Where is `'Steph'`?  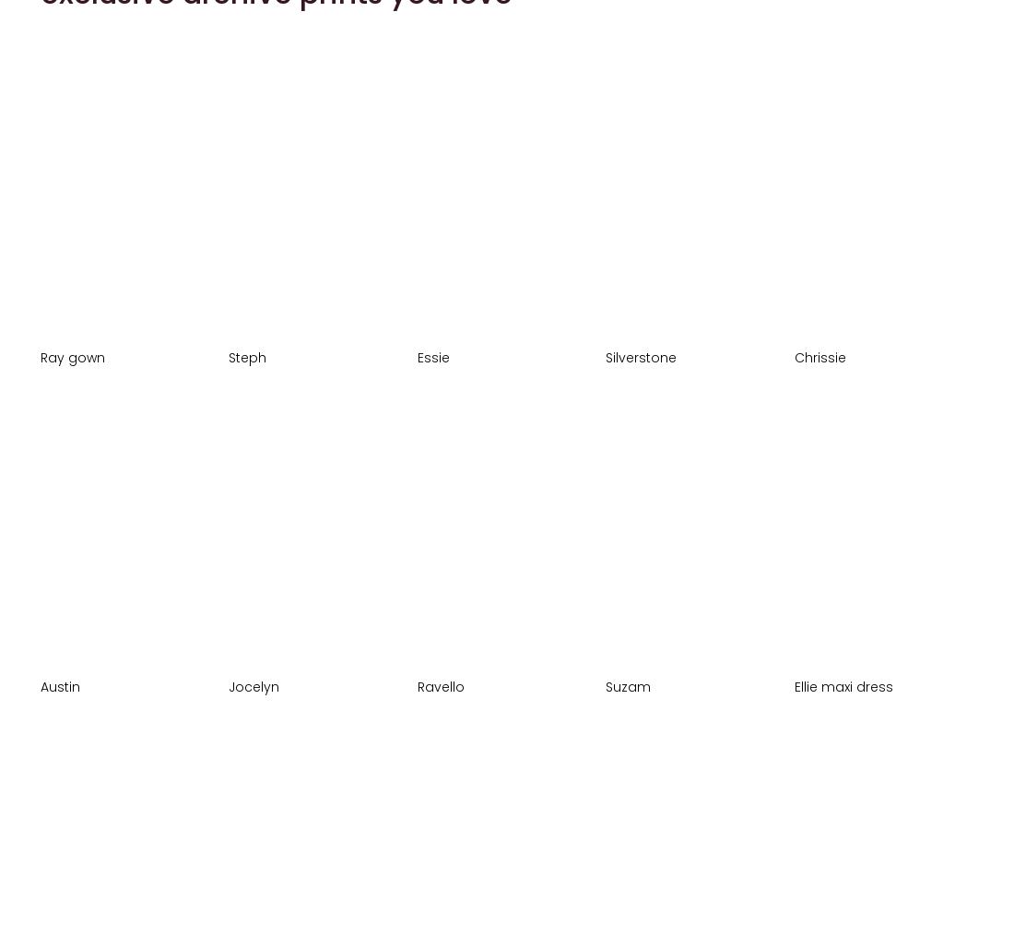
'Steph' is located at coordinates (247, 357).